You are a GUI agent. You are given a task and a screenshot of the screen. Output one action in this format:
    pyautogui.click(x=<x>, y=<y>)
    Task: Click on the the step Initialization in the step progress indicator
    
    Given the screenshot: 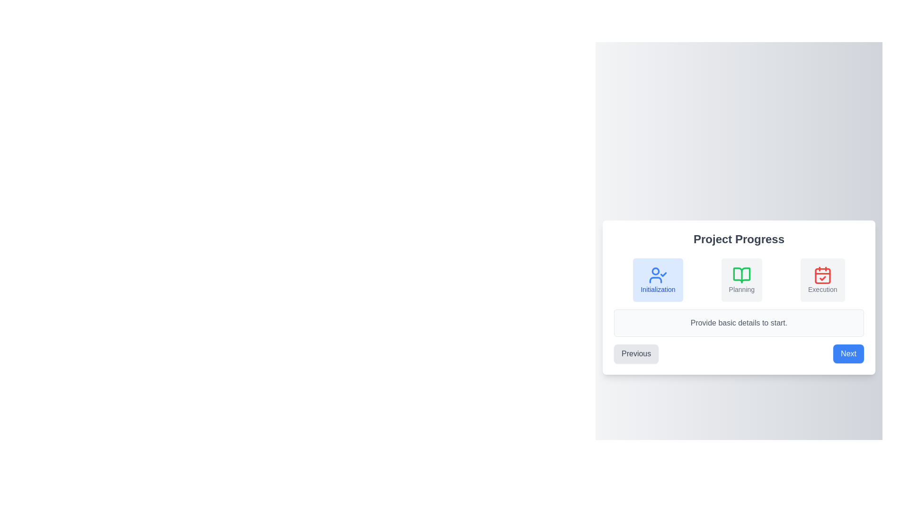 What is the action you would take?
    pyautogui.click(x=658, y=279)
    